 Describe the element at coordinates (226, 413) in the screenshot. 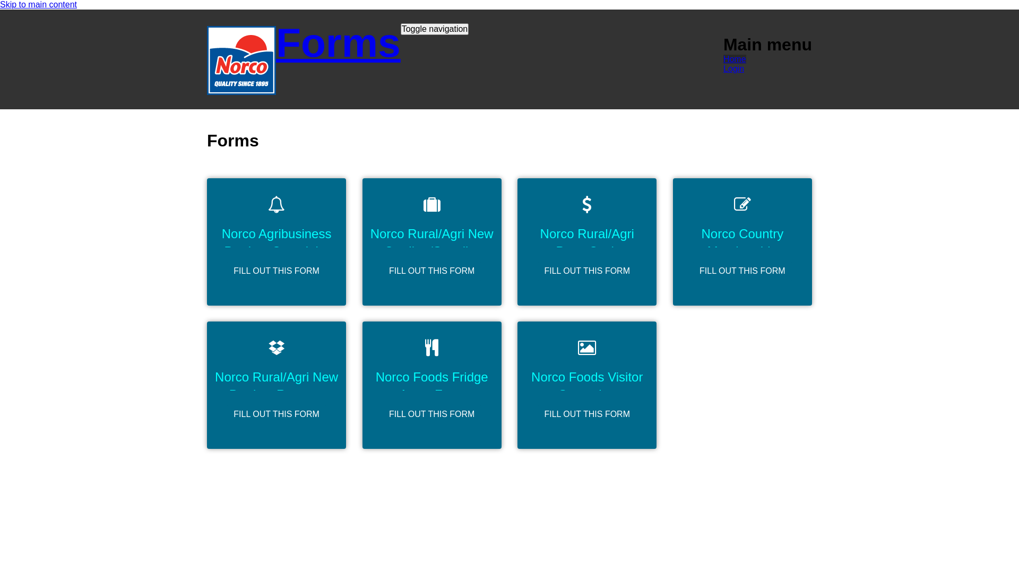

I see `'FILL OUT THIS FORM'` at that location.